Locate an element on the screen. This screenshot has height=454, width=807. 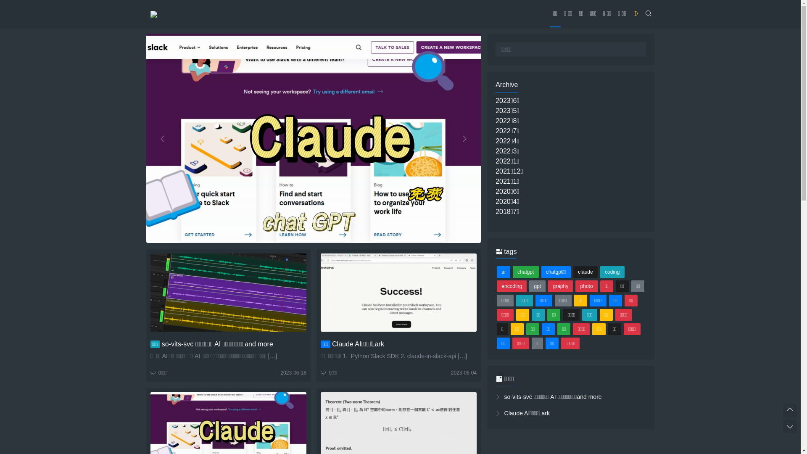
'gpt' is located at coordinates (537, 286).